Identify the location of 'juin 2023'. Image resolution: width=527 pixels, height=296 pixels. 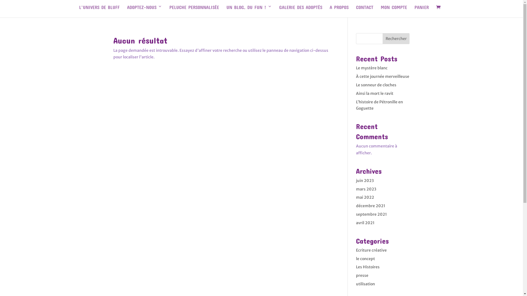
(365, 181).